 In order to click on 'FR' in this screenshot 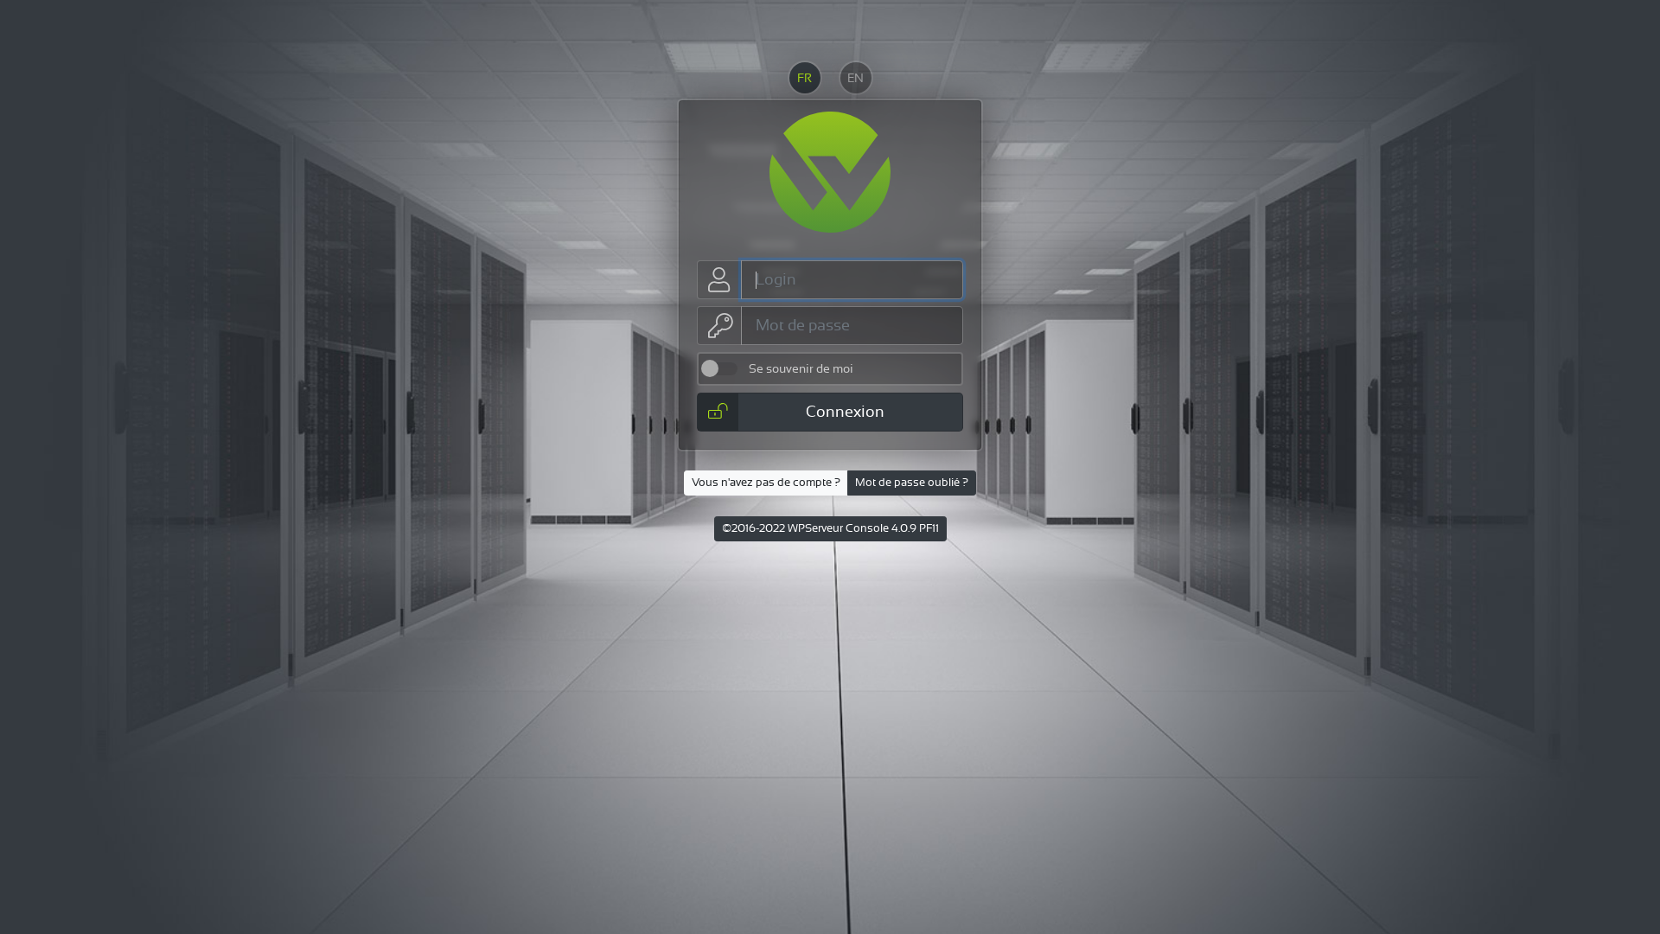, I will do `click(803, 76)`.